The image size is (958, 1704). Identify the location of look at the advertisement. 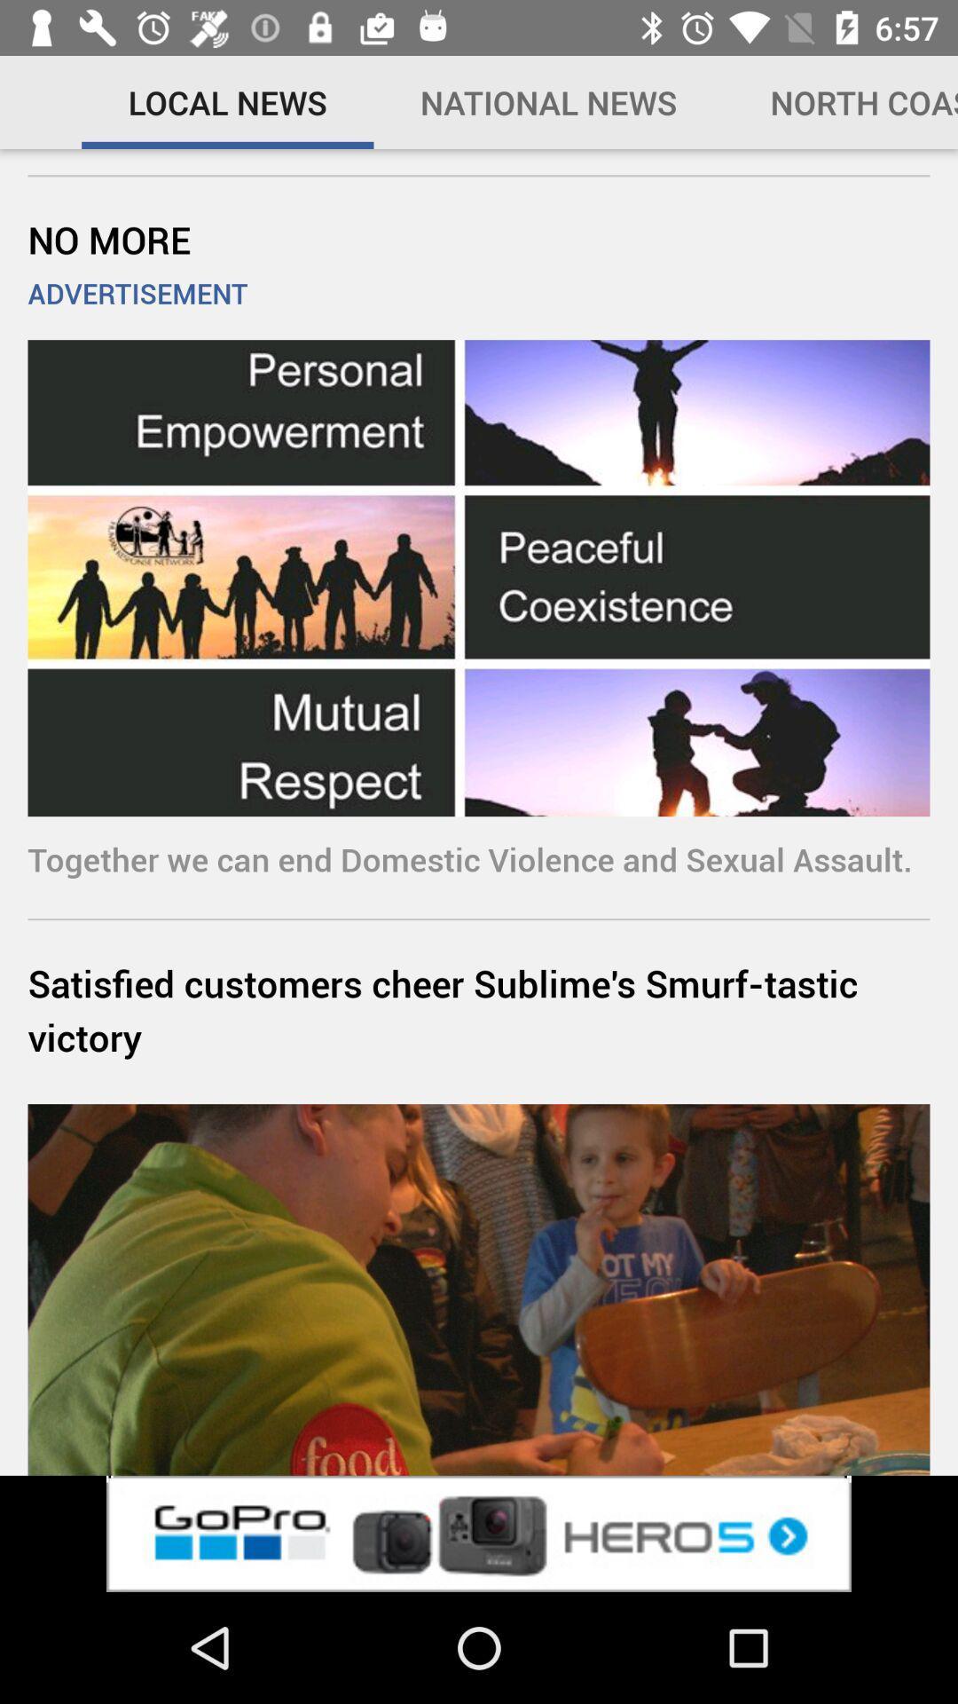
(479, 1533).